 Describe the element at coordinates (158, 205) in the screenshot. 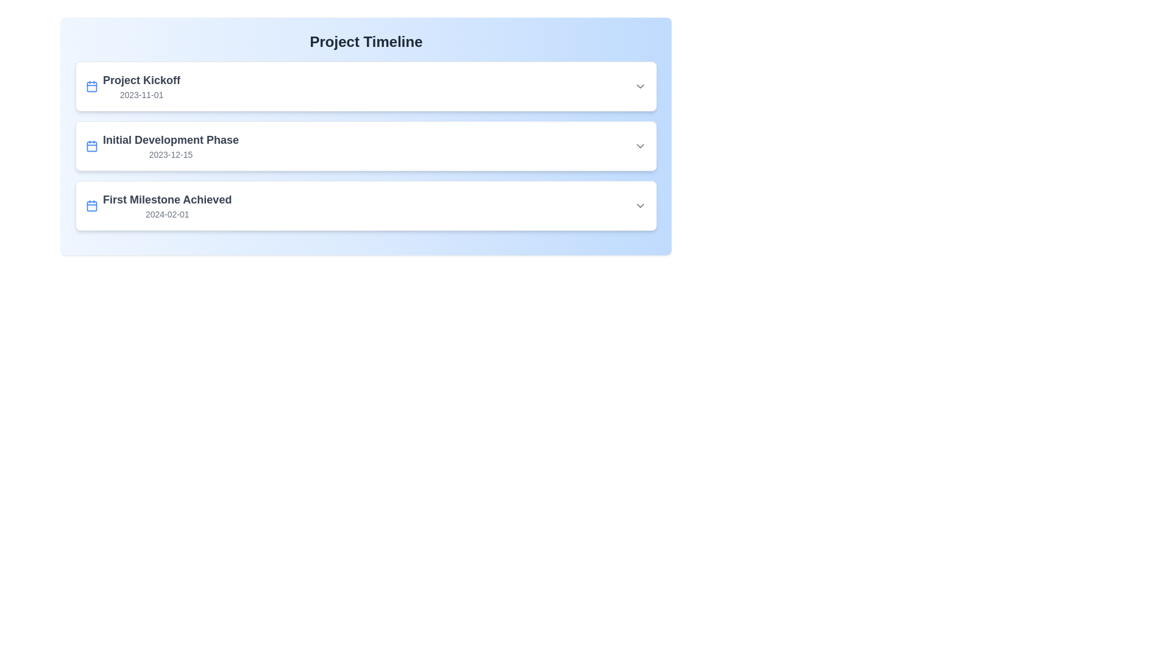

I see `the list item labeled 'First Milestone Achieved' which contains a calendar icon and the date '2024-02-01'` at that location.